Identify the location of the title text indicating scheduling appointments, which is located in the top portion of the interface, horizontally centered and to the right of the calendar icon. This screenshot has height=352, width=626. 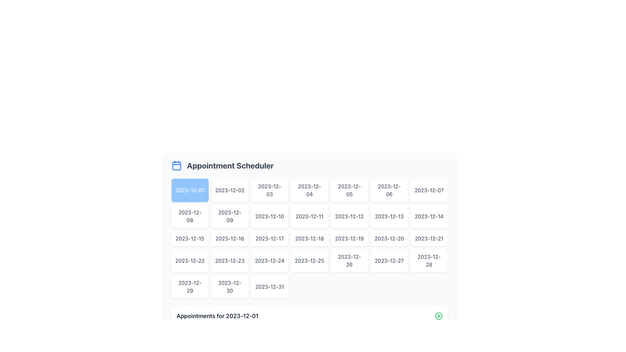
(230, 165).